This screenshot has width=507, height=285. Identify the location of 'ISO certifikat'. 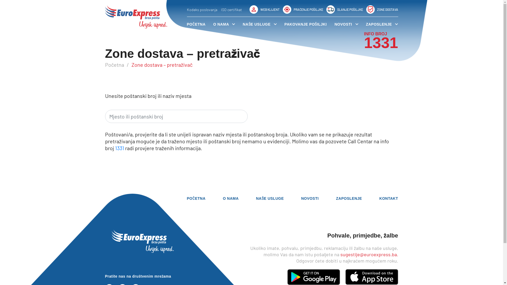
(220, 9).